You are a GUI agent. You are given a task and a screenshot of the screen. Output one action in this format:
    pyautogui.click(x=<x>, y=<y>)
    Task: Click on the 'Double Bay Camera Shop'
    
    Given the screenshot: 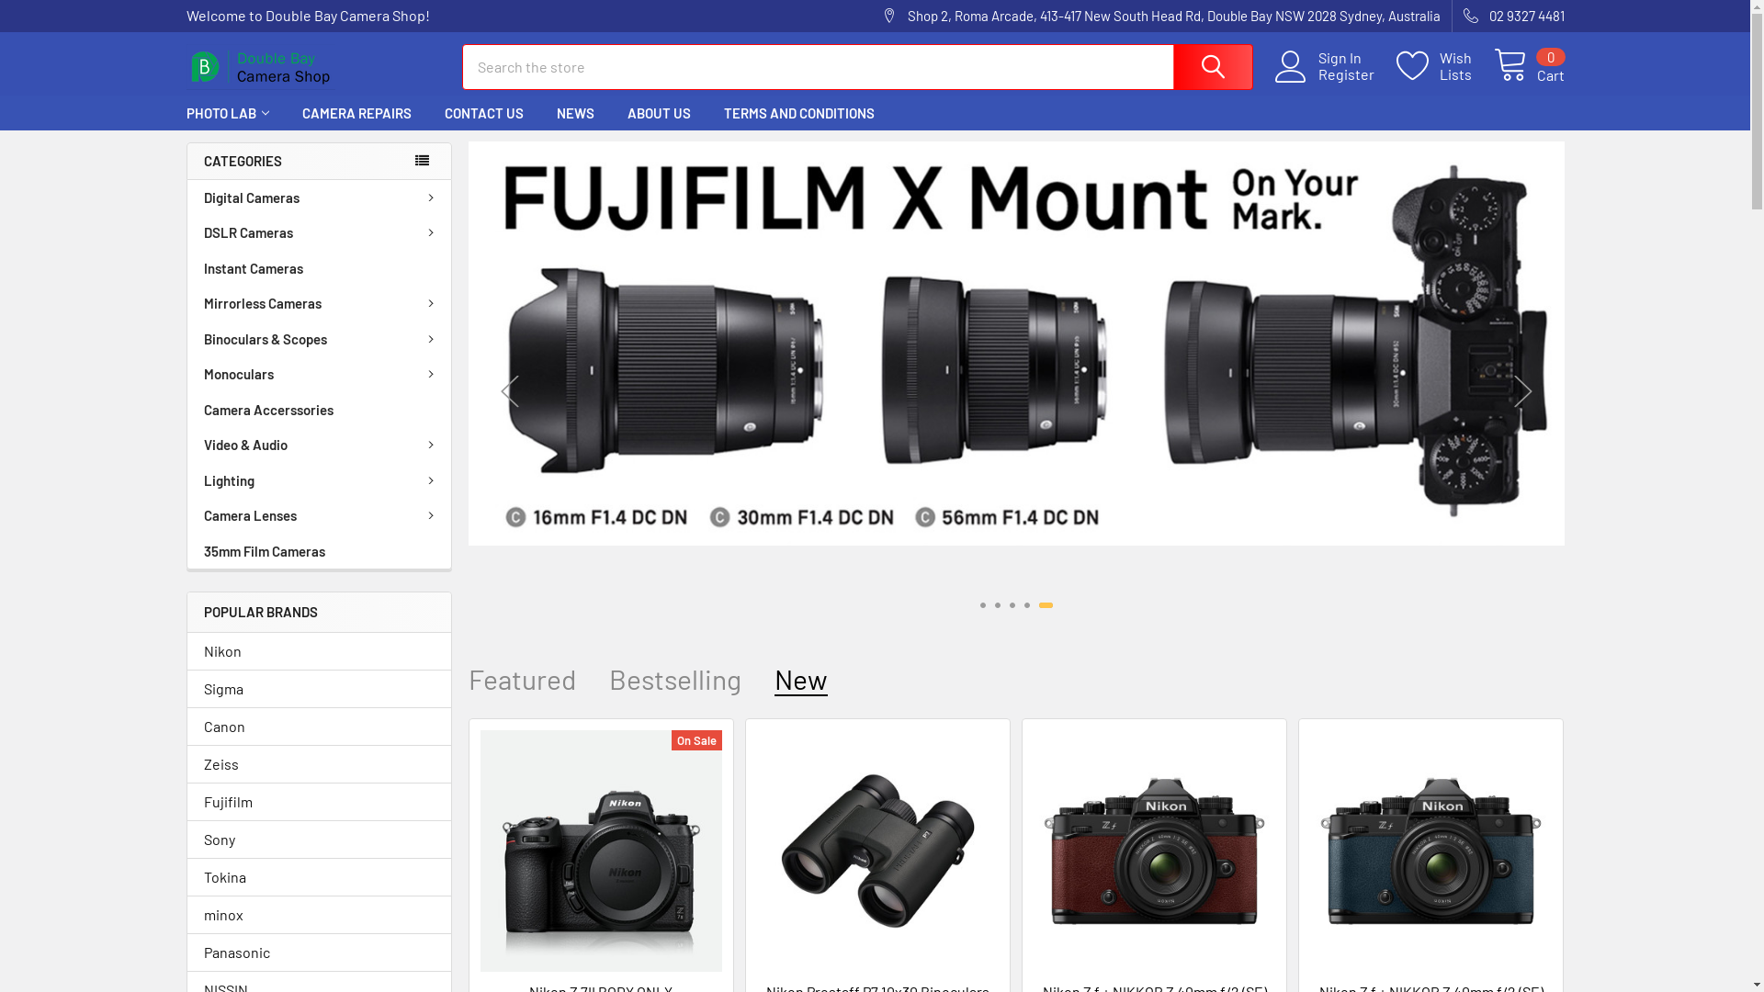 What is the action you would take?
    pyautogui.click(x=259, y=66)
    